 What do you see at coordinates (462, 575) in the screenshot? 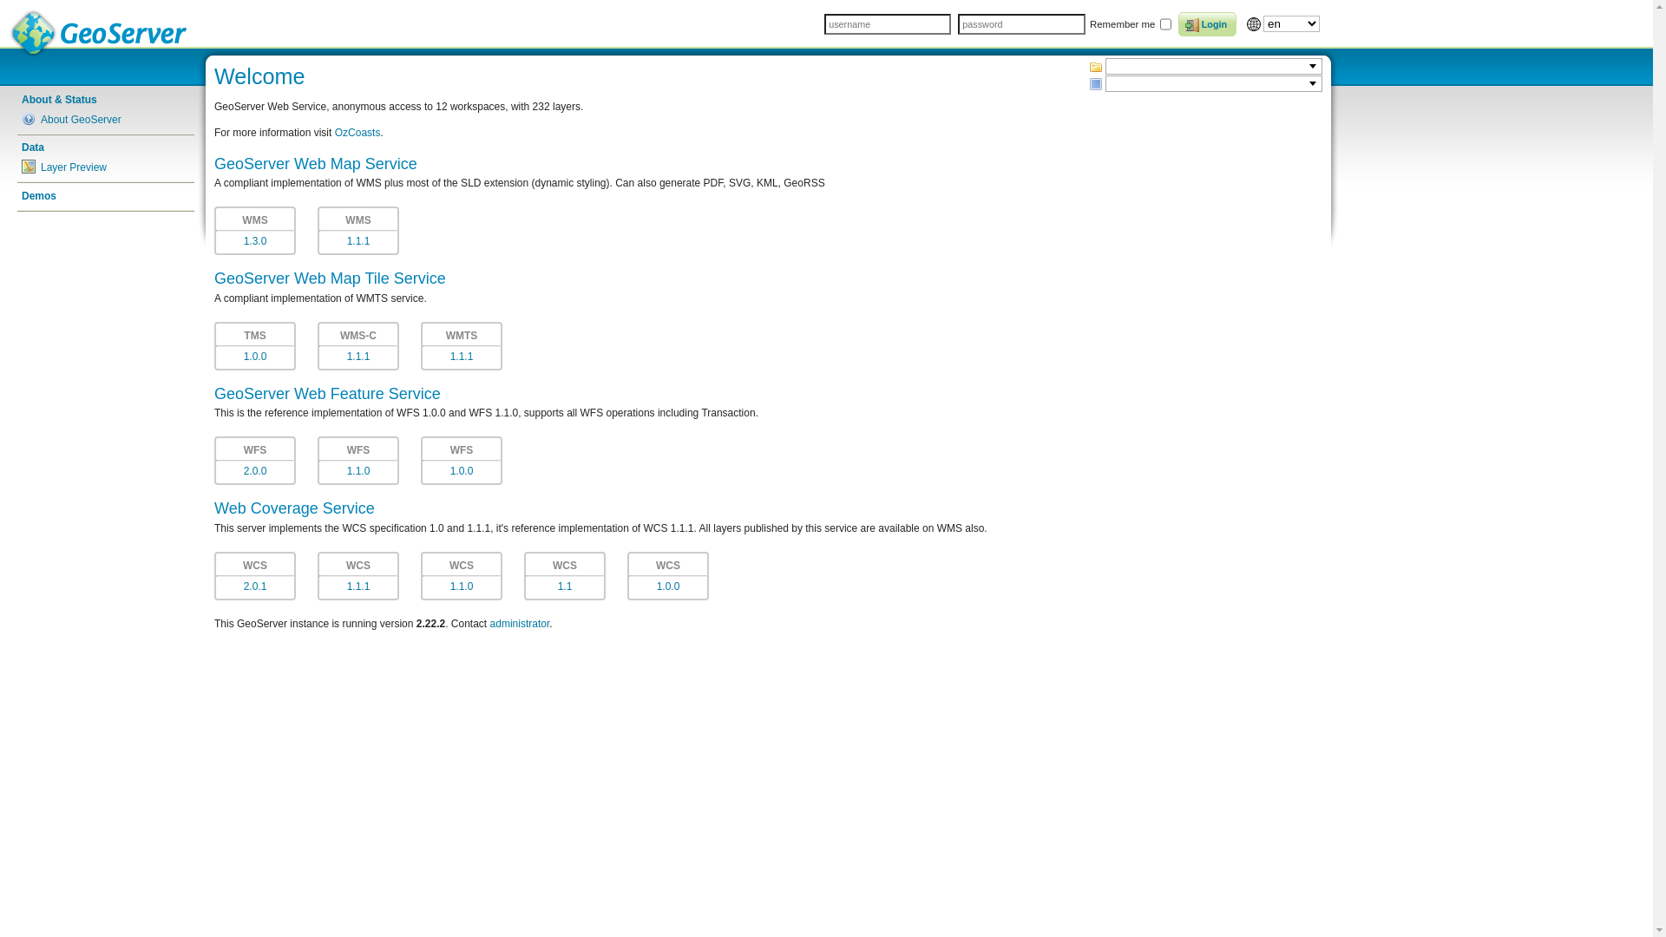
I see `'WCS` at bounding box center [462, 575].